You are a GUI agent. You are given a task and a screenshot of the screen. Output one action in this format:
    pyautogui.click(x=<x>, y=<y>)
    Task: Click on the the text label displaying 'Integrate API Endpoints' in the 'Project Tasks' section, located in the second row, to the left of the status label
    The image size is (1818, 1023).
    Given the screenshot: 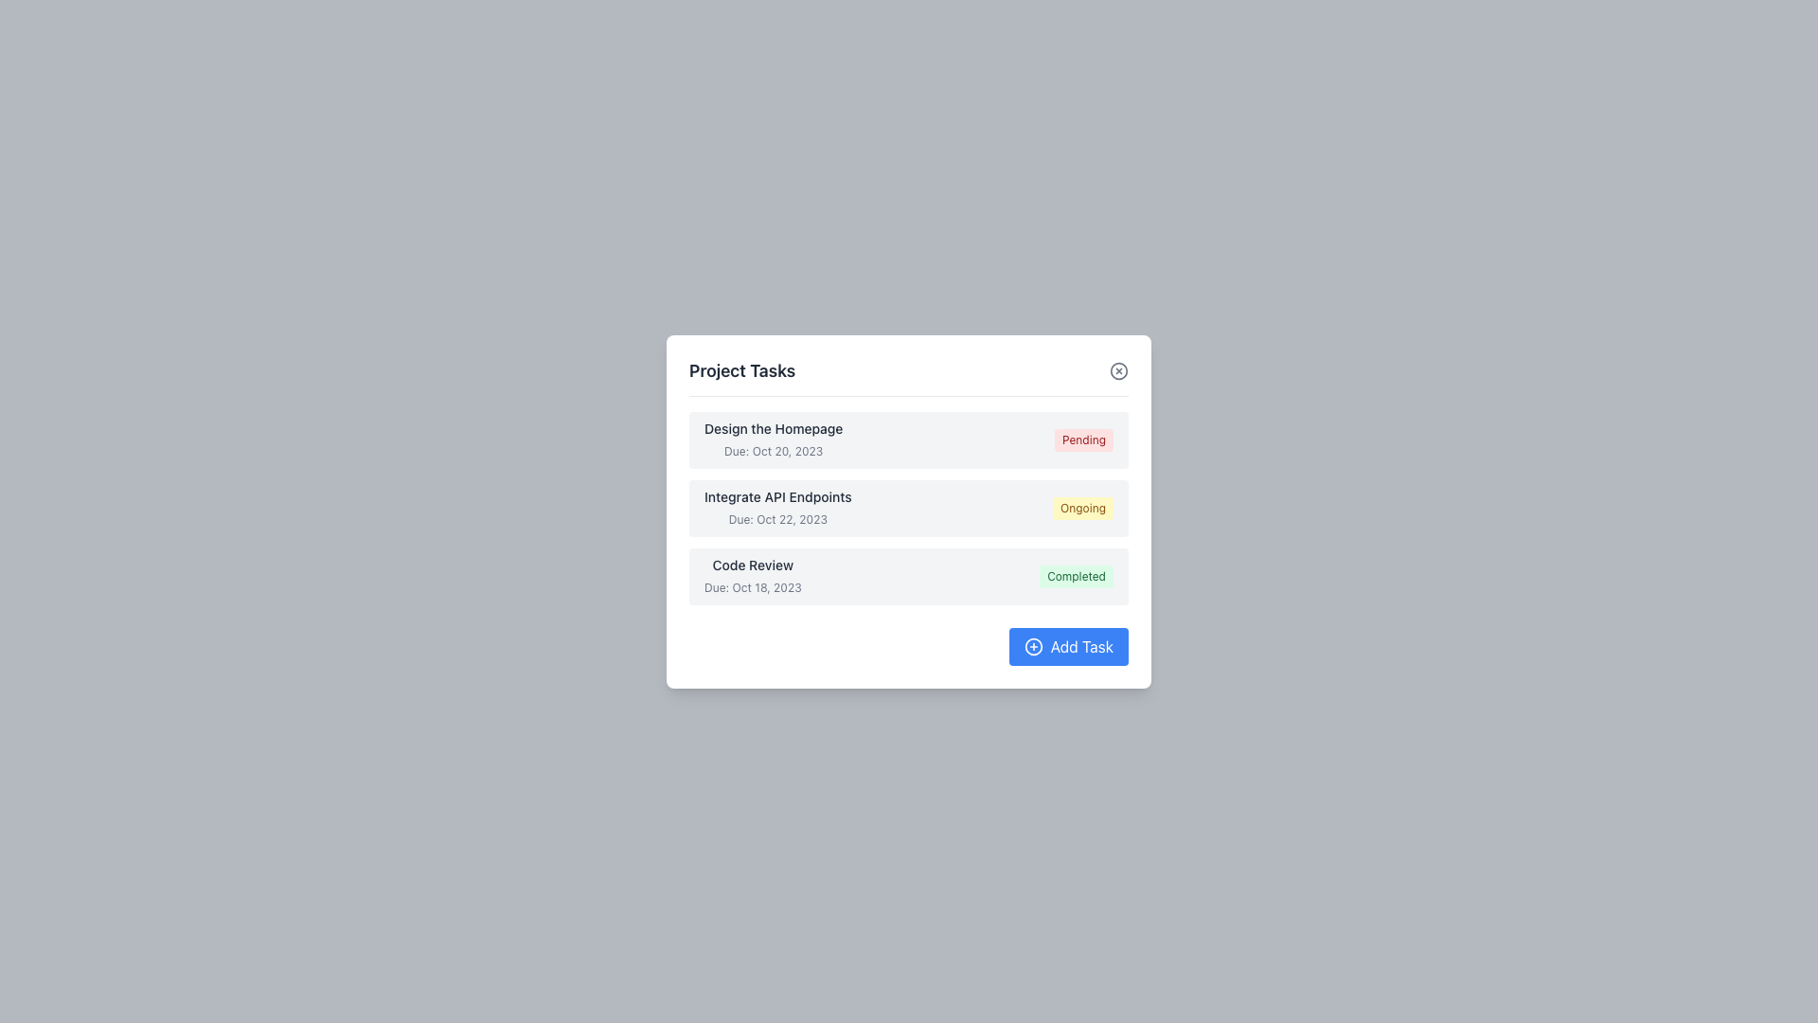 What is the action you would take?
    pyautogui.click(x=777, y=495)
    